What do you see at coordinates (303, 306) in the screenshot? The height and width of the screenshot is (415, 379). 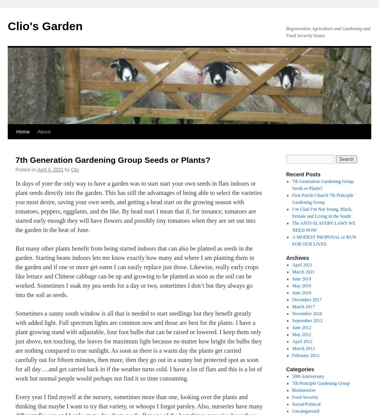 I see `'March 2017'` at bounding box center [303, 306].